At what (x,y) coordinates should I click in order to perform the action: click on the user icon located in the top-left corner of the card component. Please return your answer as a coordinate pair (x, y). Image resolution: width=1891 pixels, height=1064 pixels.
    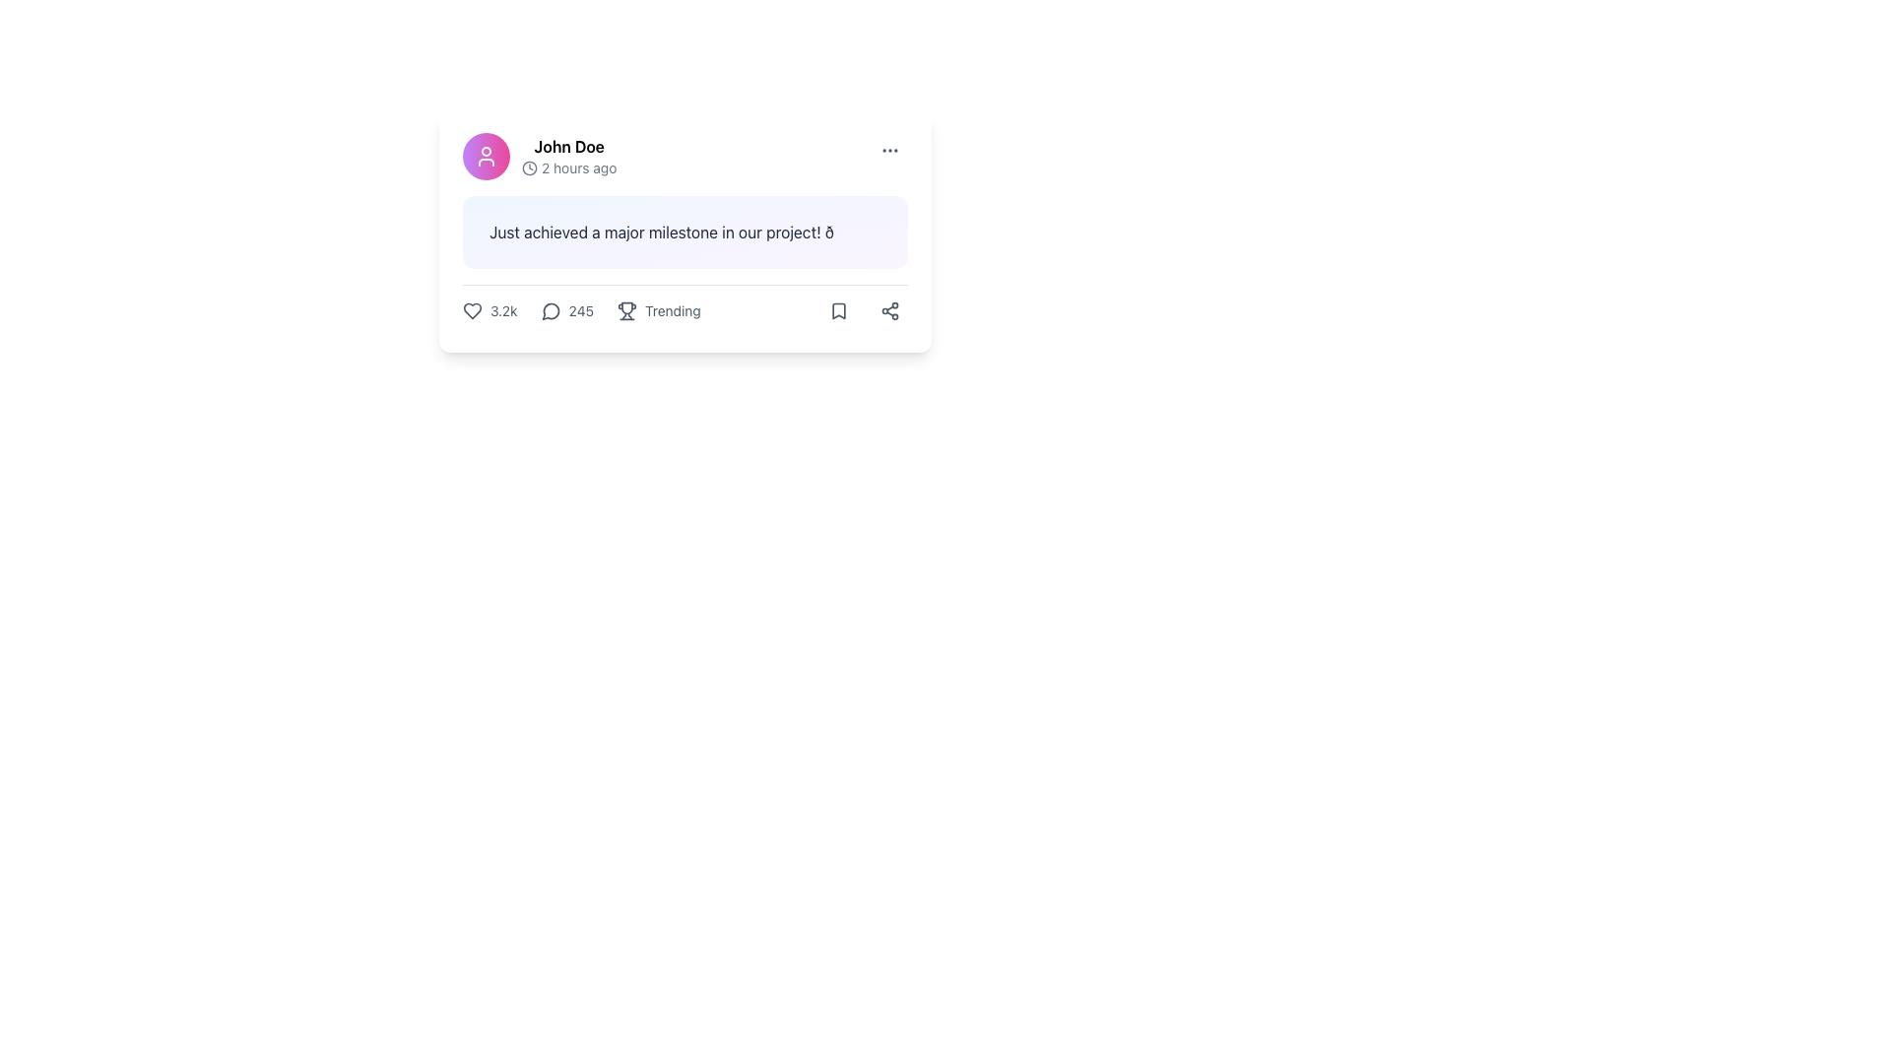
    Looking at the image, I should click on (487, 155).